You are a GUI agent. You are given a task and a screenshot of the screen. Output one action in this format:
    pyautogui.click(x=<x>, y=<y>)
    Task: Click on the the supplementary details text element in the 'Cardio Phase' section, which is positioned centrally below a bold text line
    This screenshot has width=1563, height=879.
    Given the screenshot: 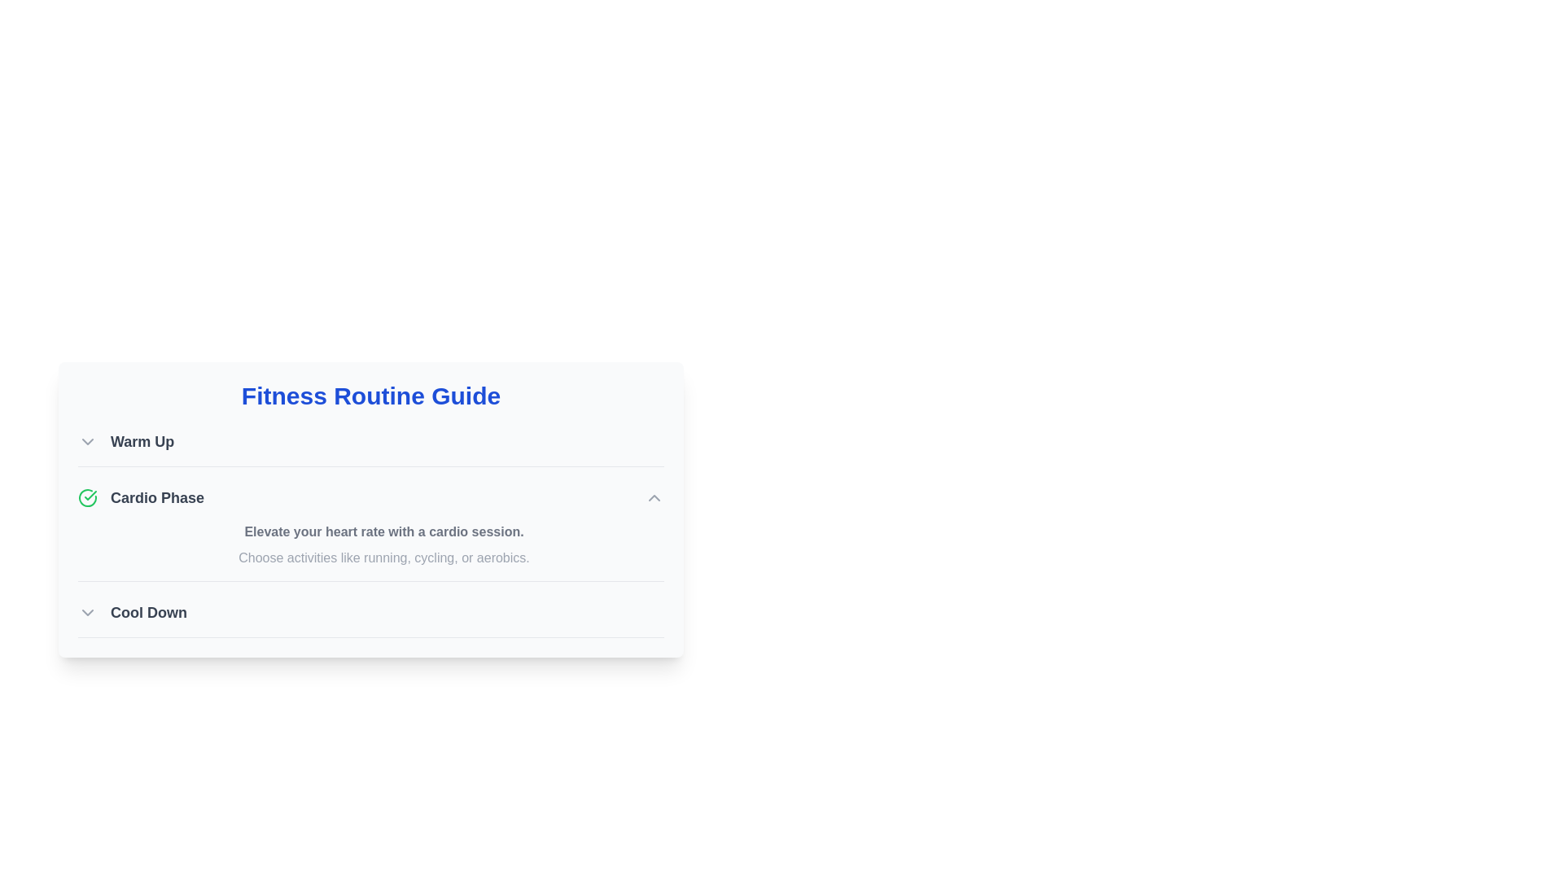 What is the action you would take?
    pyautogui.click(x=383, y=558)
    